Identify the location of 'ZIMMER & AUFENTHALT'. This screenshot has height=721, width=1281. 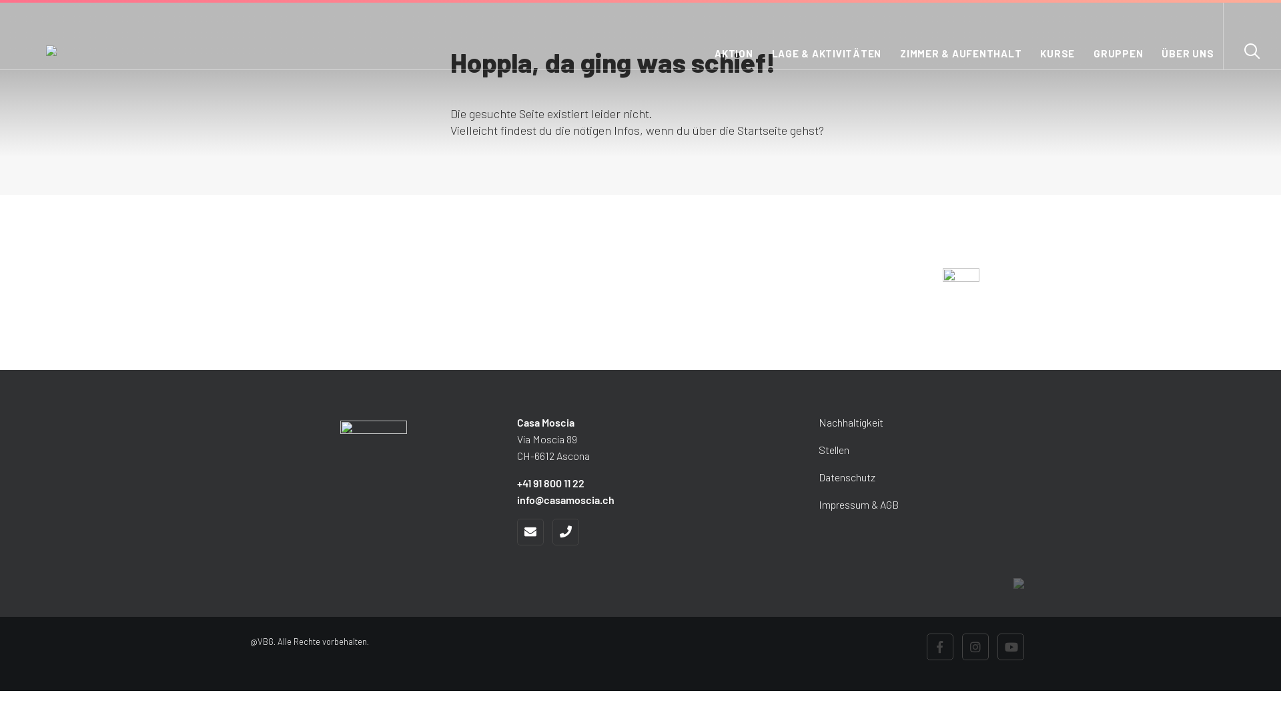
(961, 58).